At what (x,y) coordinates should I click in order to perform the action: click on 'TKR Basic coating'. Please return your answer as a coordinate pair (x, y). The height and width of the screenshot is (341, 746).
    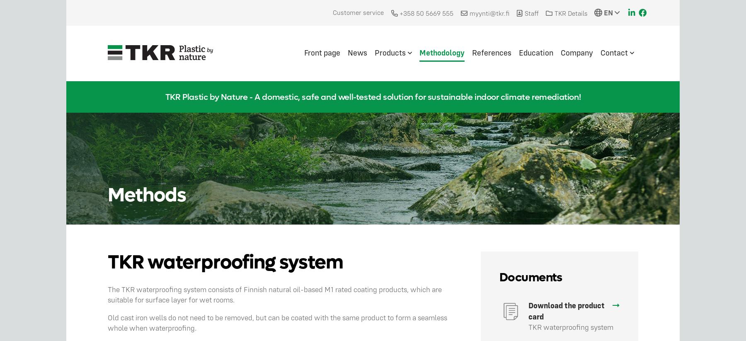
    Looking at the image, I should click on (414, 73).